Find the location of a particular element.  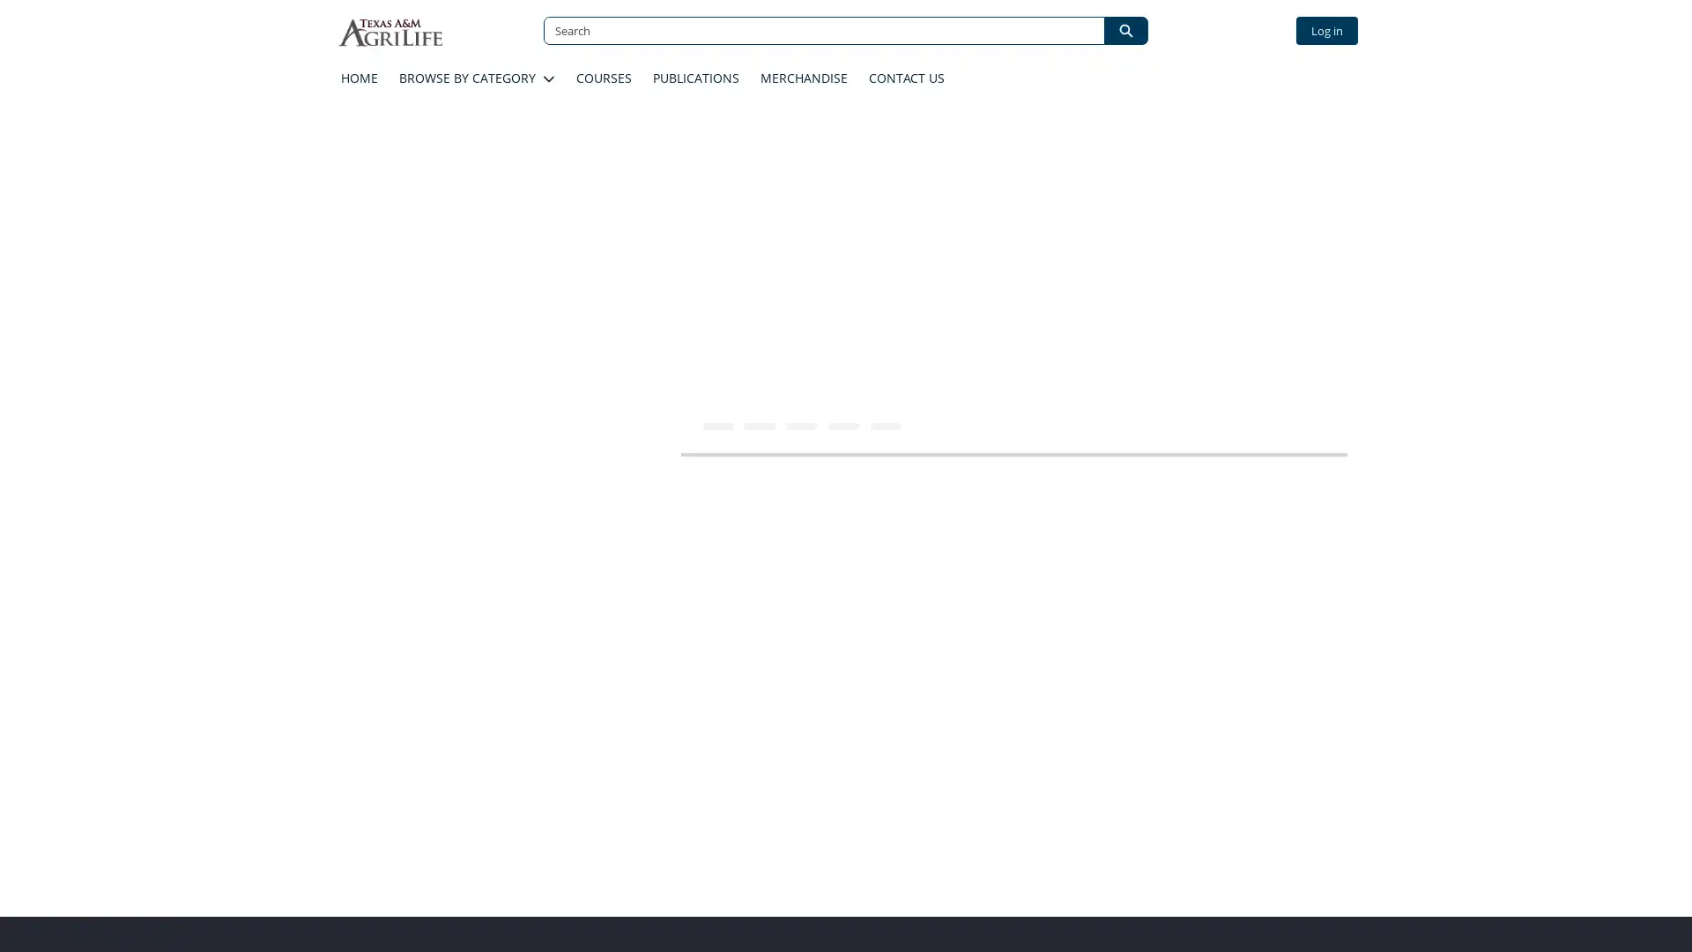

ADD TO LIST is located at coordinates (1006, 405).